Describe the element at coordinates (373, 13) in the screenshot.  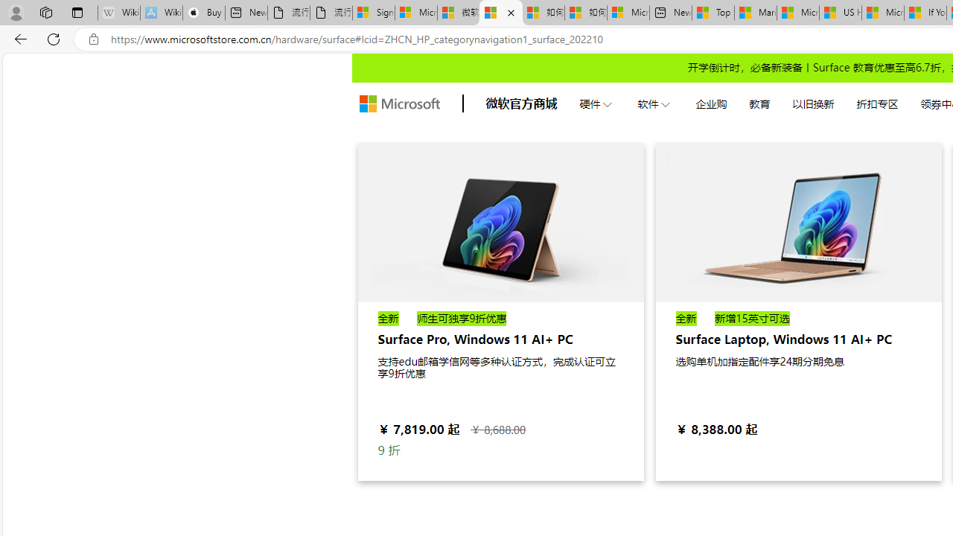
I see `'Sign in to your Microsoft account'` at that location.